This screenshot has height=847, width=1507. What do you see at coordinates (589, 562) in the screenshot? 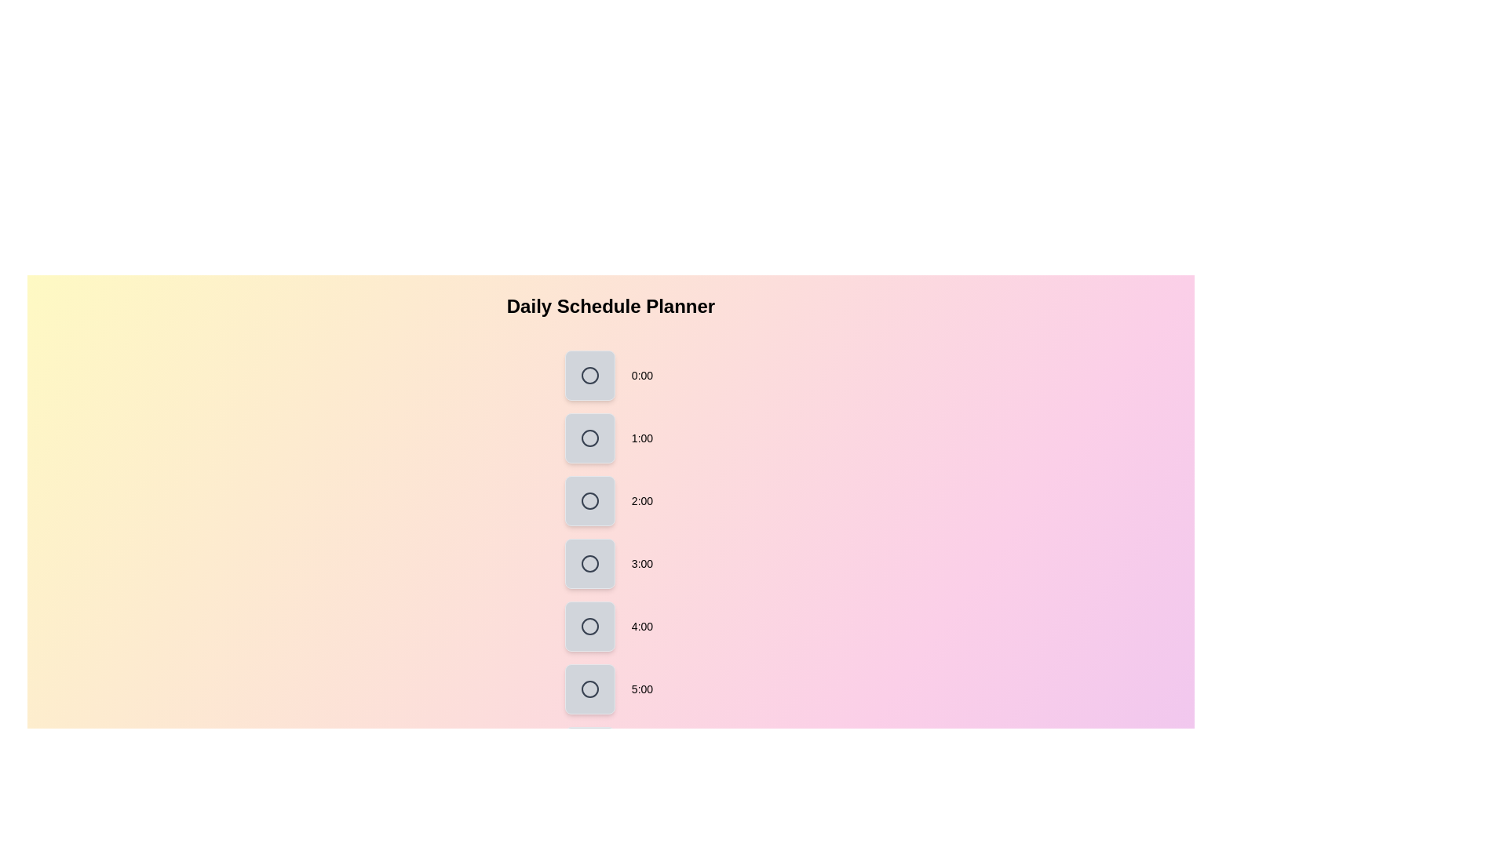
I see `the hour block corresponding to 3:00` at bounding box center [589, 562].